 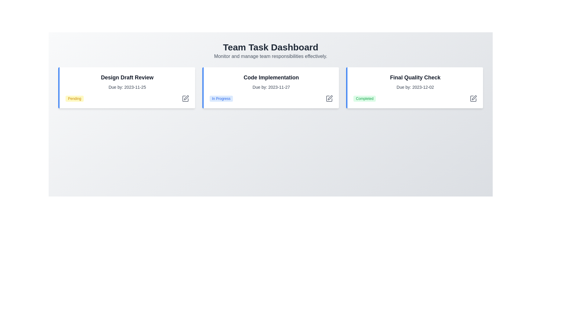 I want to click on the static text label that communicates the deadline for the task, which displays '2023-12-02' and is located below the task title 'Final Quality Check' on the right side of the dashboard, so click(x=415, y=87).